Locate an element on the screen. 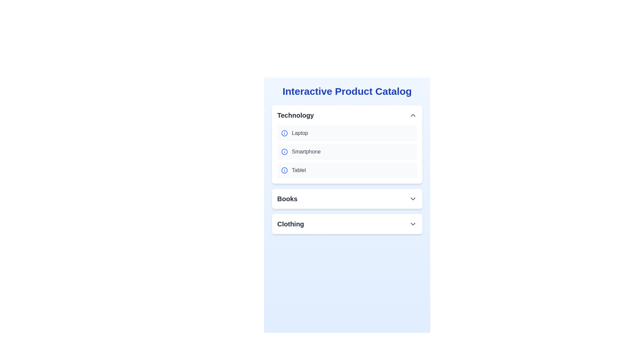 The image size is (636, 358). the collapsible panel labeled 'Technology' which contains items 'Laptop', 'Smartphone', and 'Tablet' is located at coordinates (346, 144).